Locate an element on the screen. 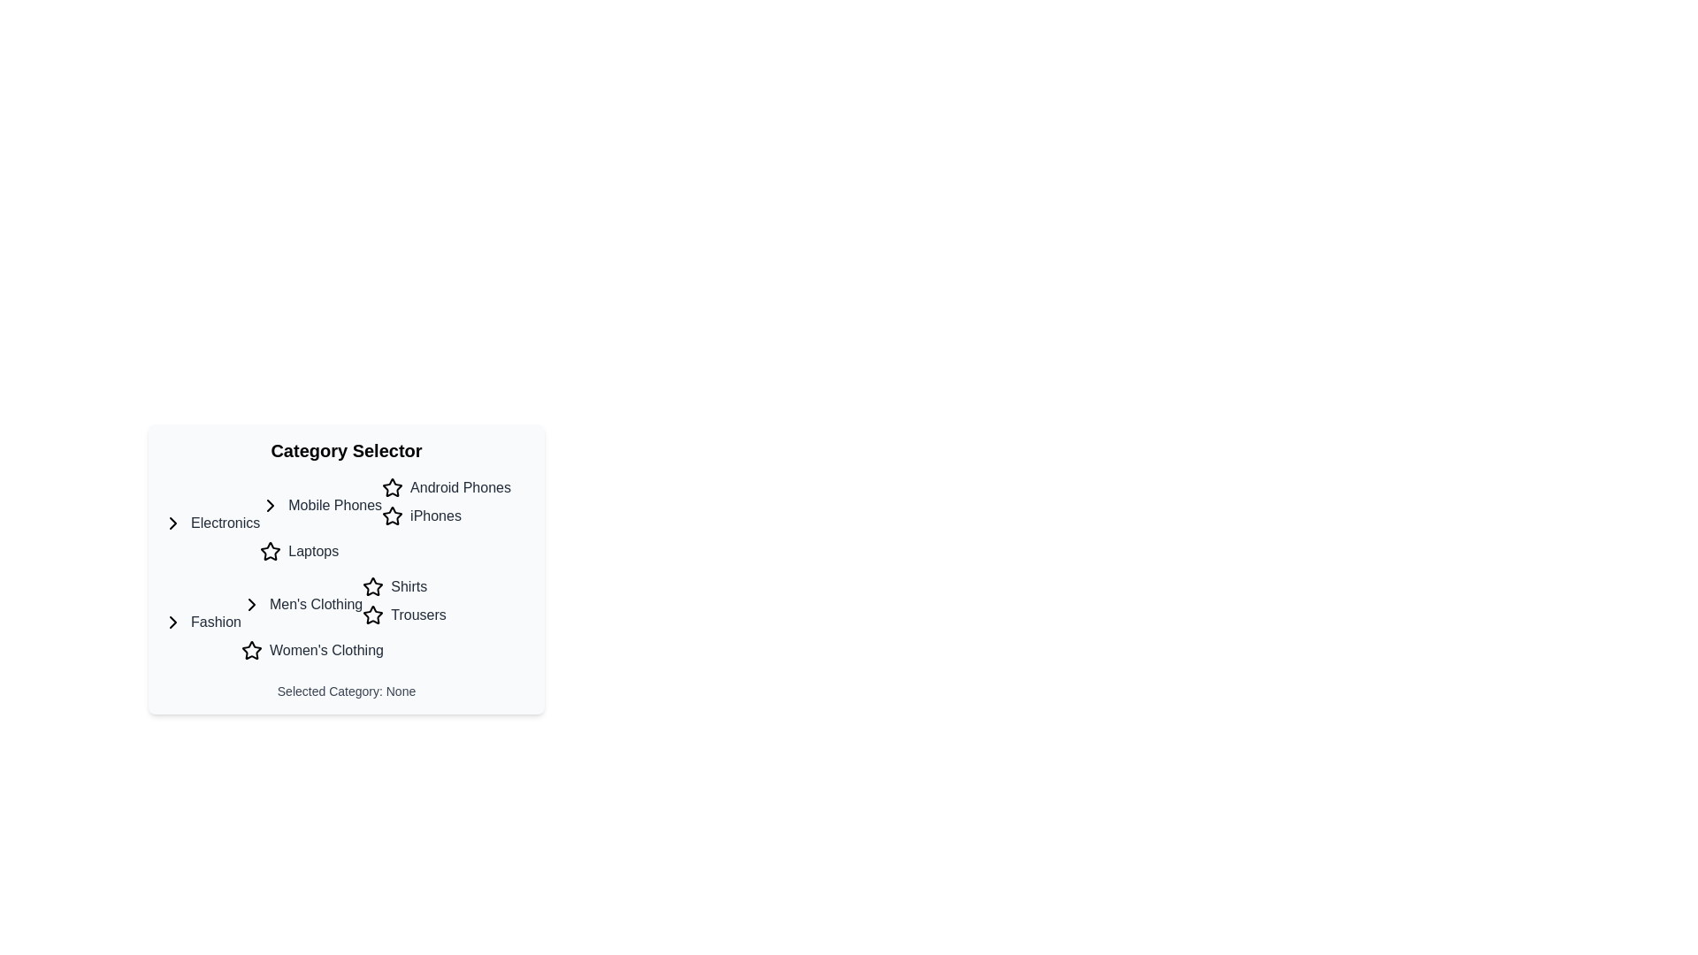 The image size is (1698, 955). the clickable text label 'Trousers' in the subcategory list under 'Men's Clothing' within the 'Fashion' category is located at coordinates (403, 614).